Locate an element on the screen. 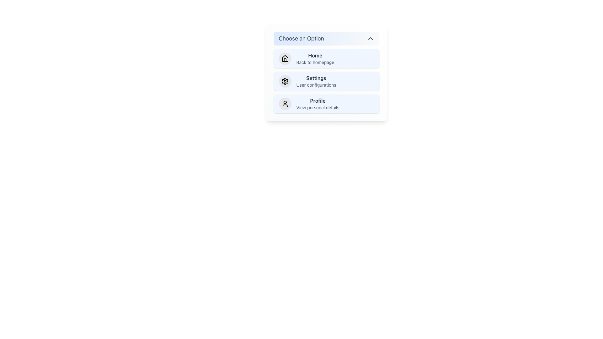  the 'Profile' button, which has a light blue background, rounded corners, and contains a person's silhouette icon followed by the text 'Profile' and 'View personal details'. This button is the third item in a vertical menu list, positioned below 'Settings' is located at coordinates (326, 104).